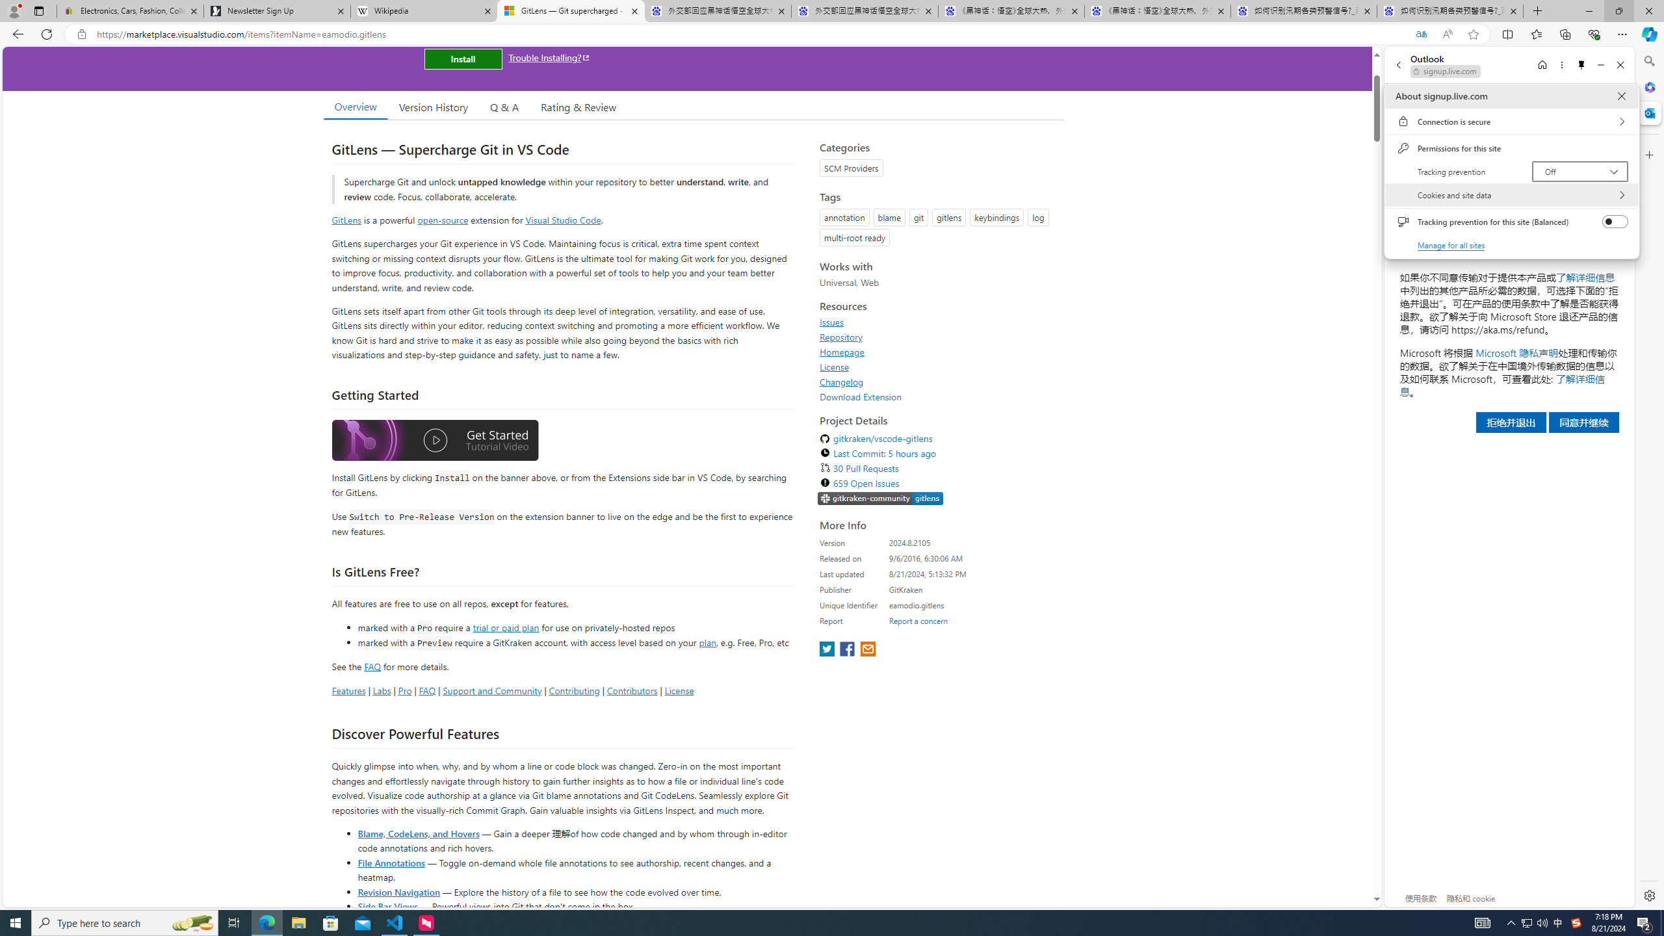  What do you see at coordinates (1534, 922) in the screenshot?
I see `'User Promoted Notification Area'` at bounding box center [1534, 922].